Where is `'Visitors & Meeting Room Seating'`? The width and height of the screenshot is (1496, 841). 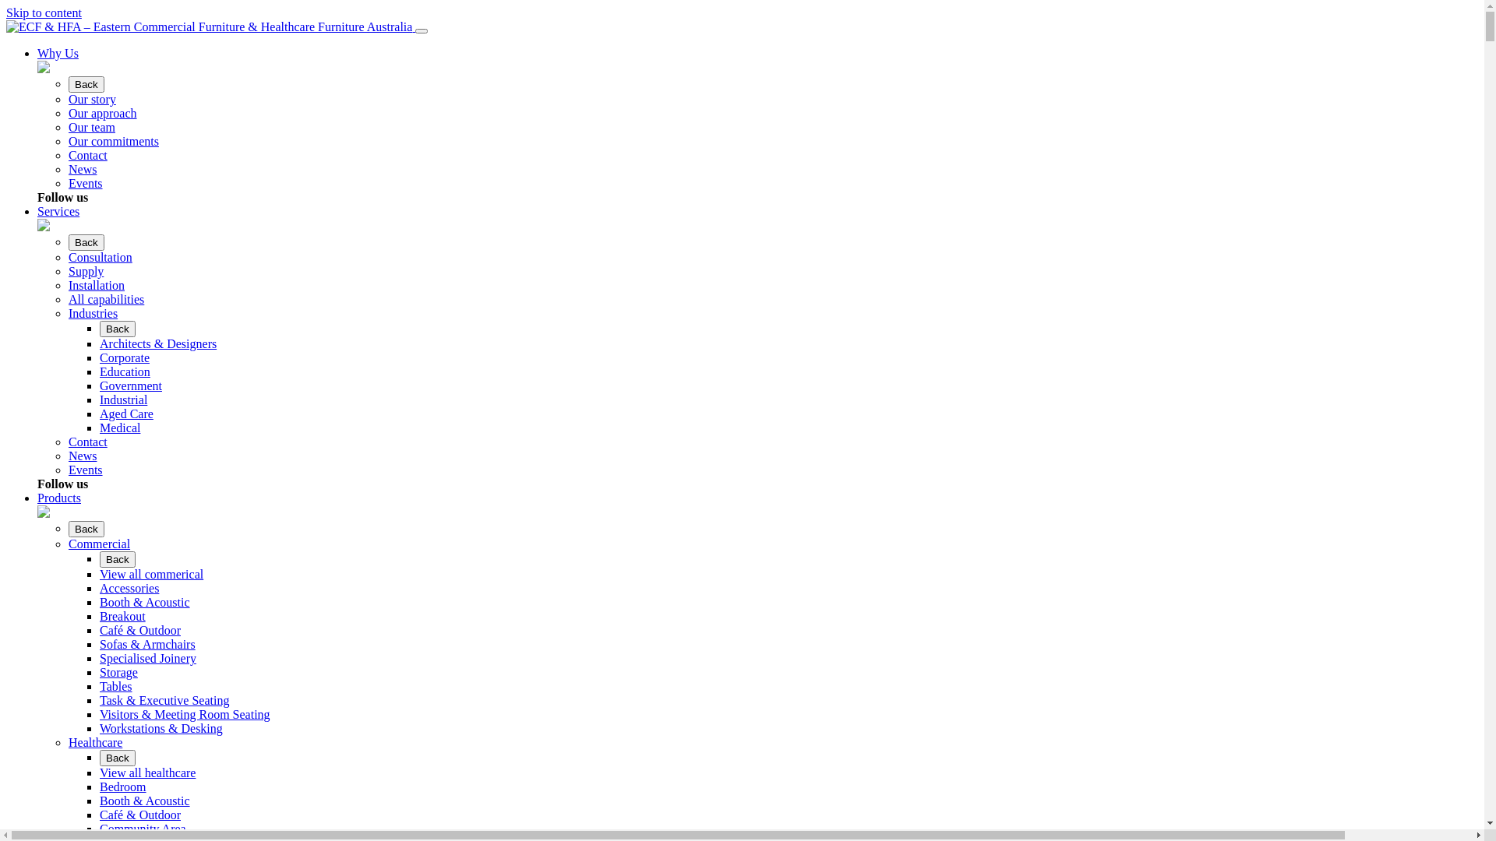 'Visitors & Meeting Room Seating' is located at coordinates (185, 714).